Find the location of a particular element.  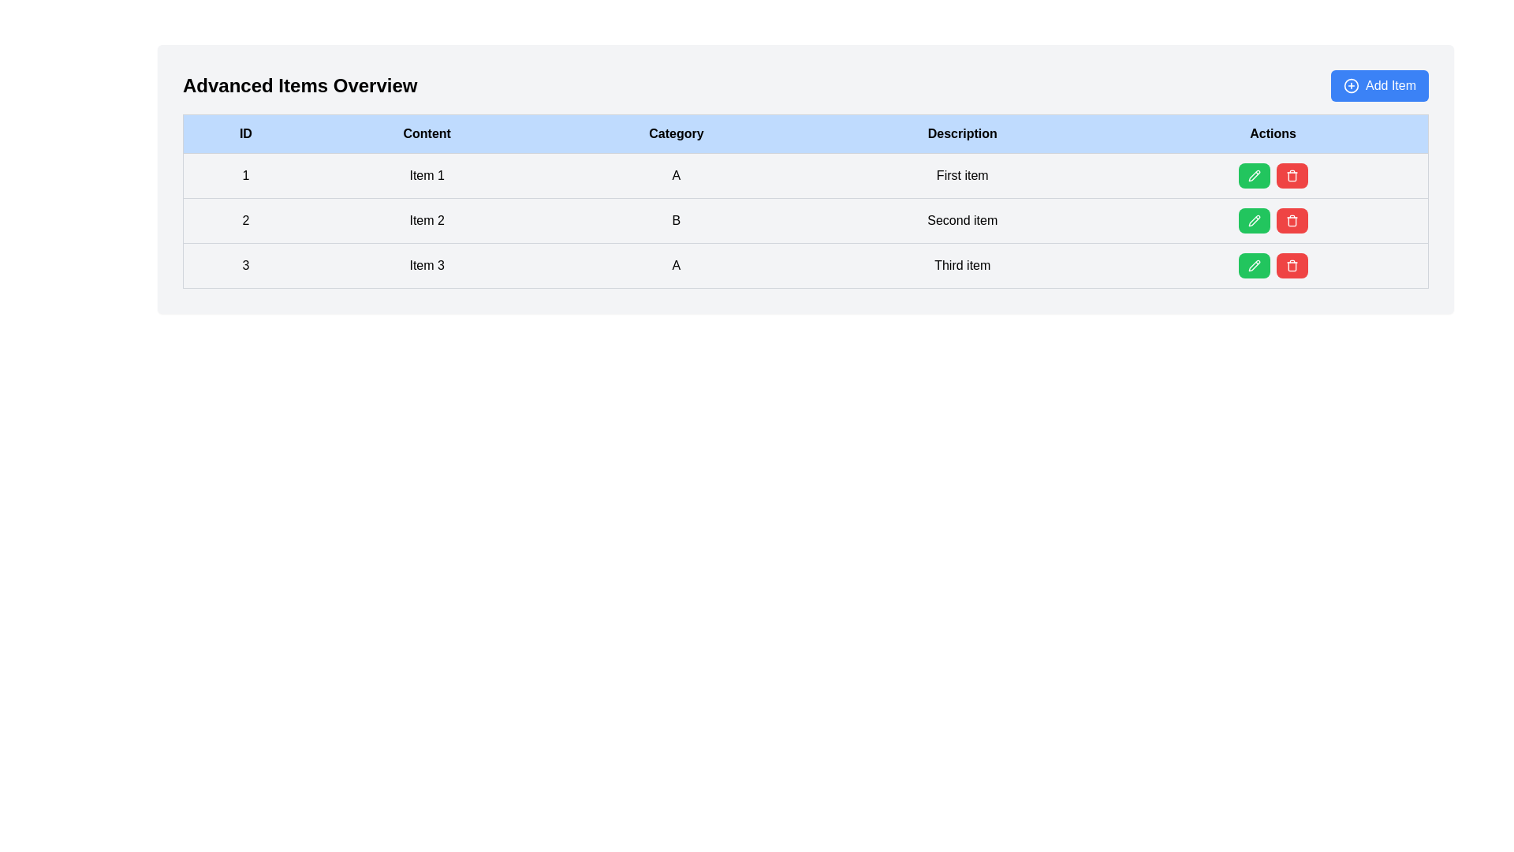

the Table Header Cell labeled 'Category', which is the third column in the header row of the data table, located between 'Content' and 'Description' is located at coordinates (676, 133).